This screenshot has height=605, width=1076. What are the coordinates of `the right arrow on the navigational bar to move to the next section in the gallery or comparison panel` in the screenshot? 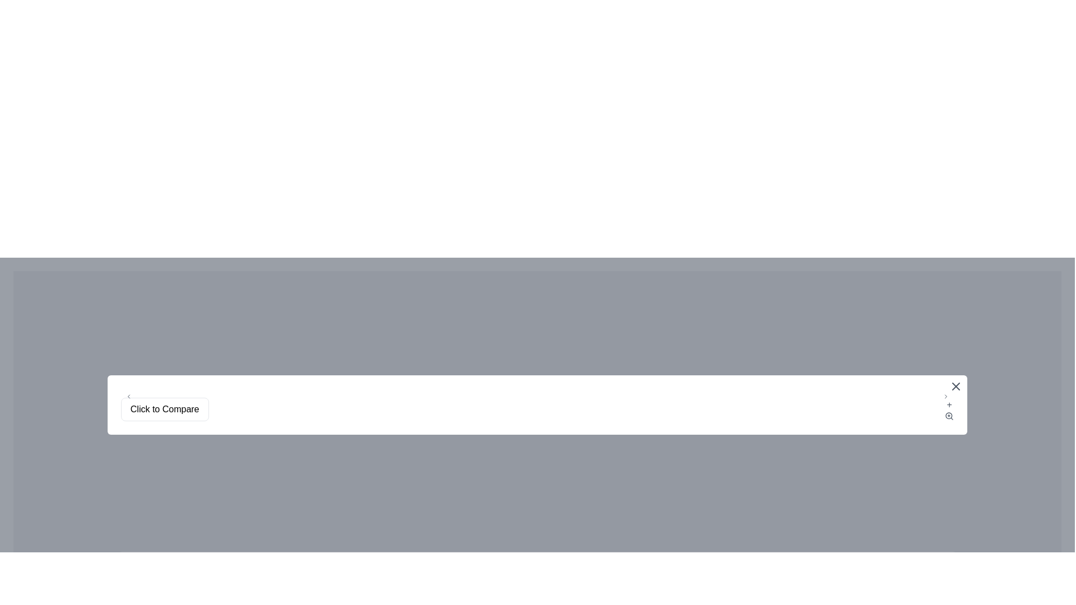 It's located at (537, 396).